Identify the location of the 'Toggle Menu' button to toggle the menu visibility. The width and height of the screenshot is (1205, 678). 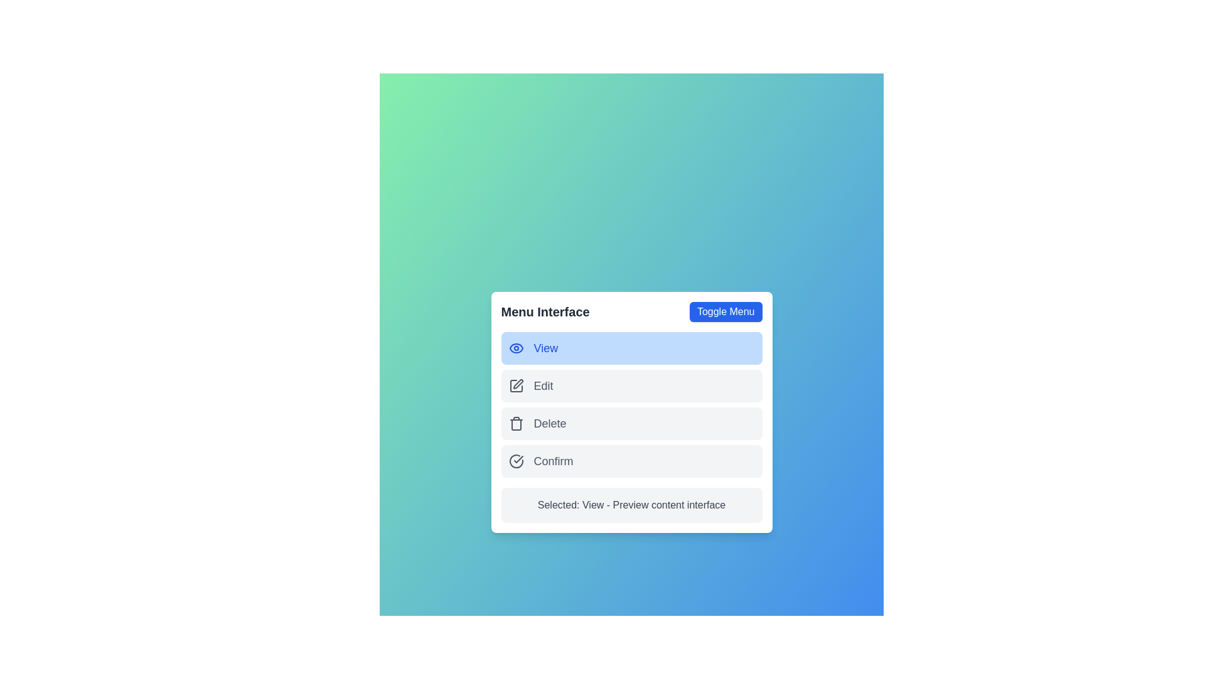
(726, 311).